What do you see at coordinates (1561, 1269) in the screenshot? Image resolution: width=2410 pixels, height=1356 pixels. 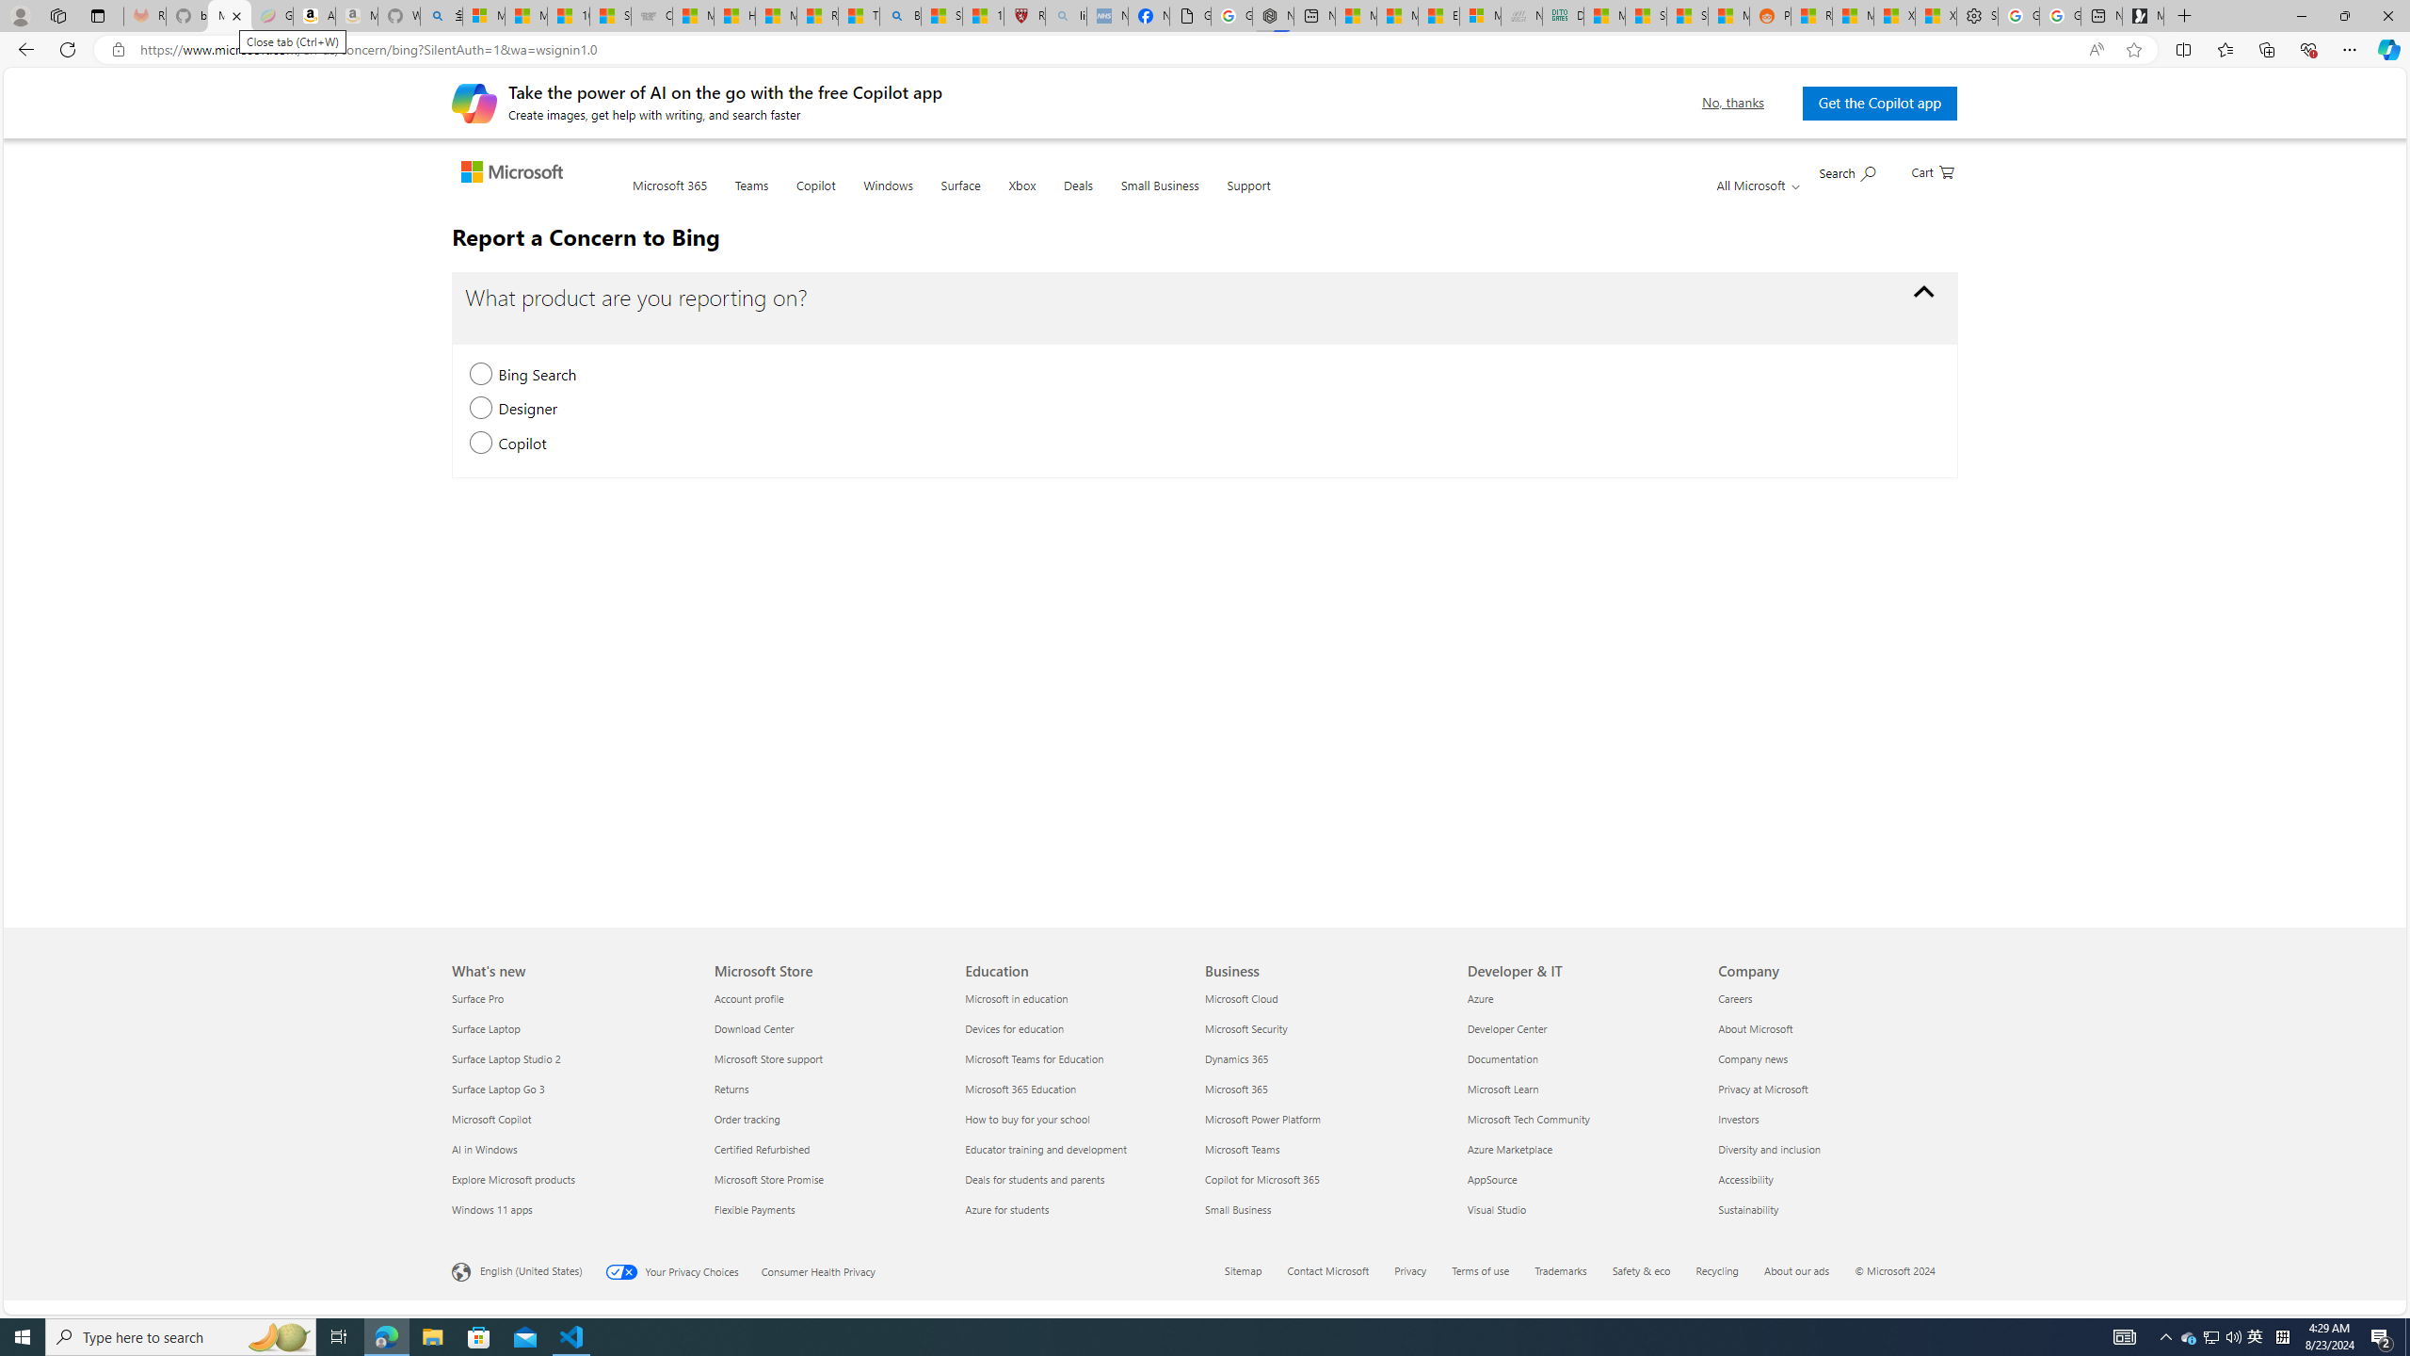 I see `'Trademarks'` at bounding box center [1561, 1269].